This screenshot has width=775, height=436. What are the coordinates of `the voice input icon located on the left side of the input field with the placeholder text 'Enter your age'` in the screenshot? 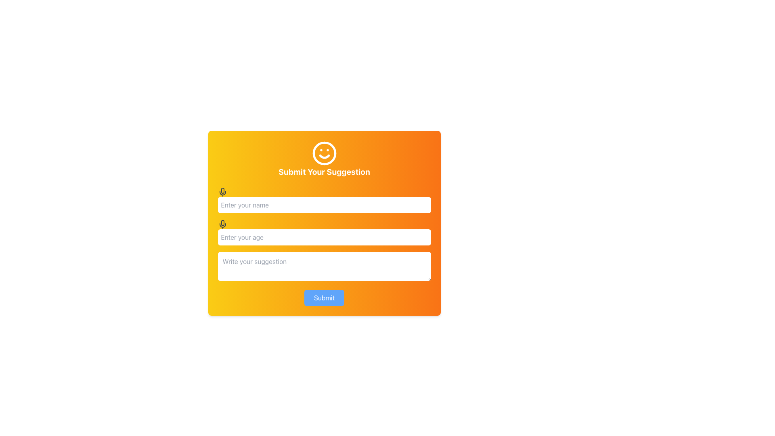 It's located at (222, 224).